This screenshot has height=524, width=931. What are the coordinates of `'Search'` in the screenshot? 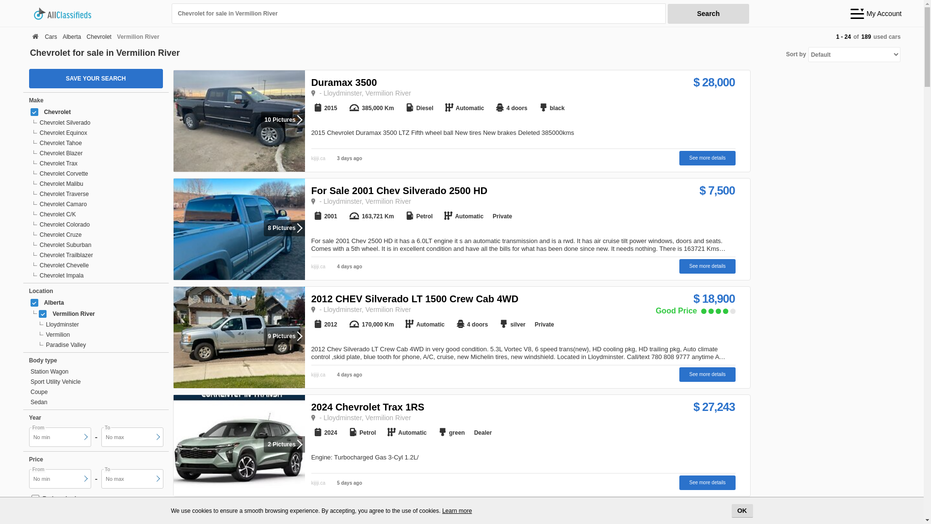 It's located at (708, 14).